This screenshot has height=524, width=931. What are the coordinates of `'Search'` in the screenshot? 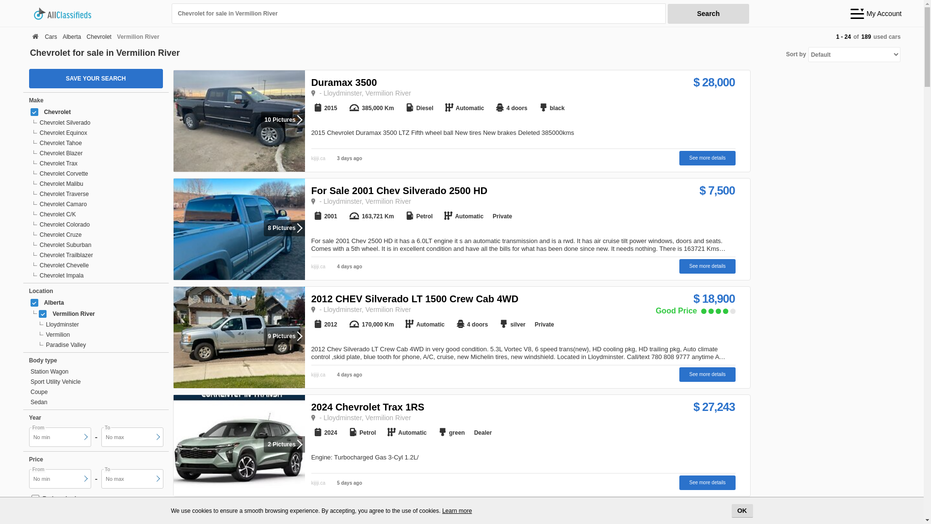 It's located at (708, 14).